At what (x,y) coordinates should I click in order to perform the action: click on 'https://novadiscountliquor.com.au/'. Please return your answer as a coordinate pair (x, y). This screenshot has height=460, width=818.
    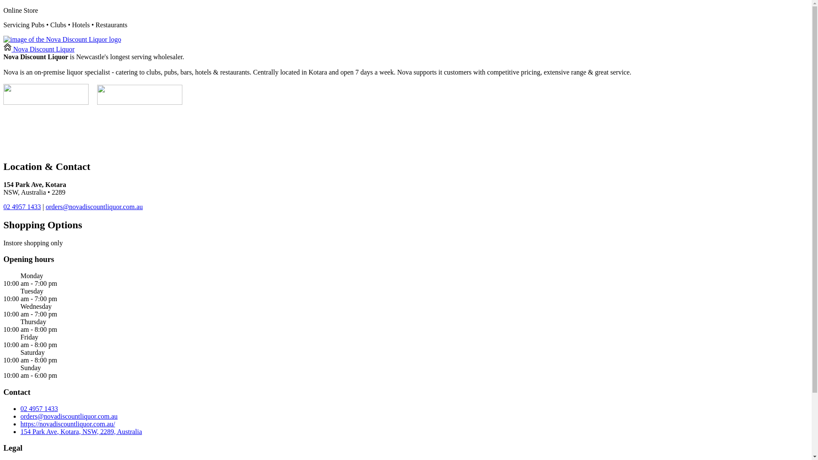
    Looking at the image, I should click on (67, 423).